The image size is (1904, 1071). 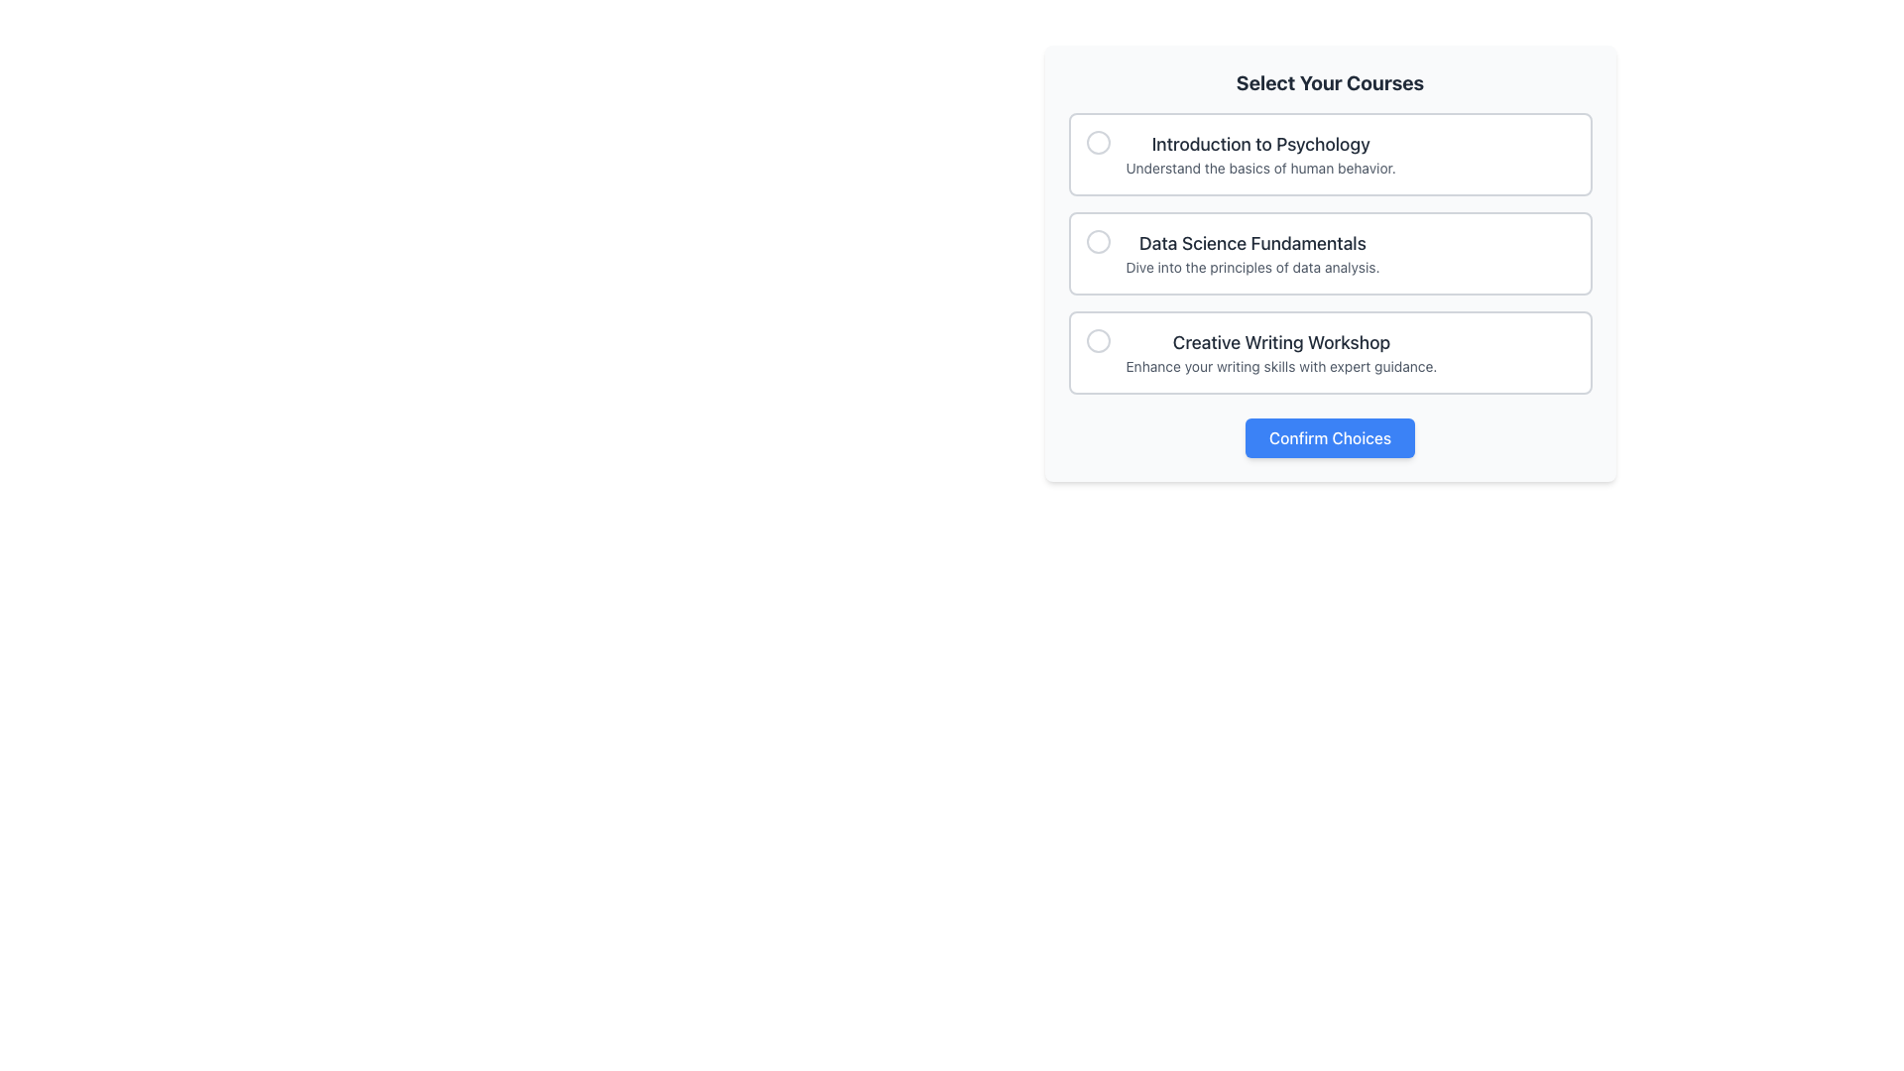 What do you see at coordinates (1330, 153) in the screenshot?
I see `the 'Introduction to Psychology' selection option, which contains a radio button on the left and text describing the course` at bounding box center [1330, 153].